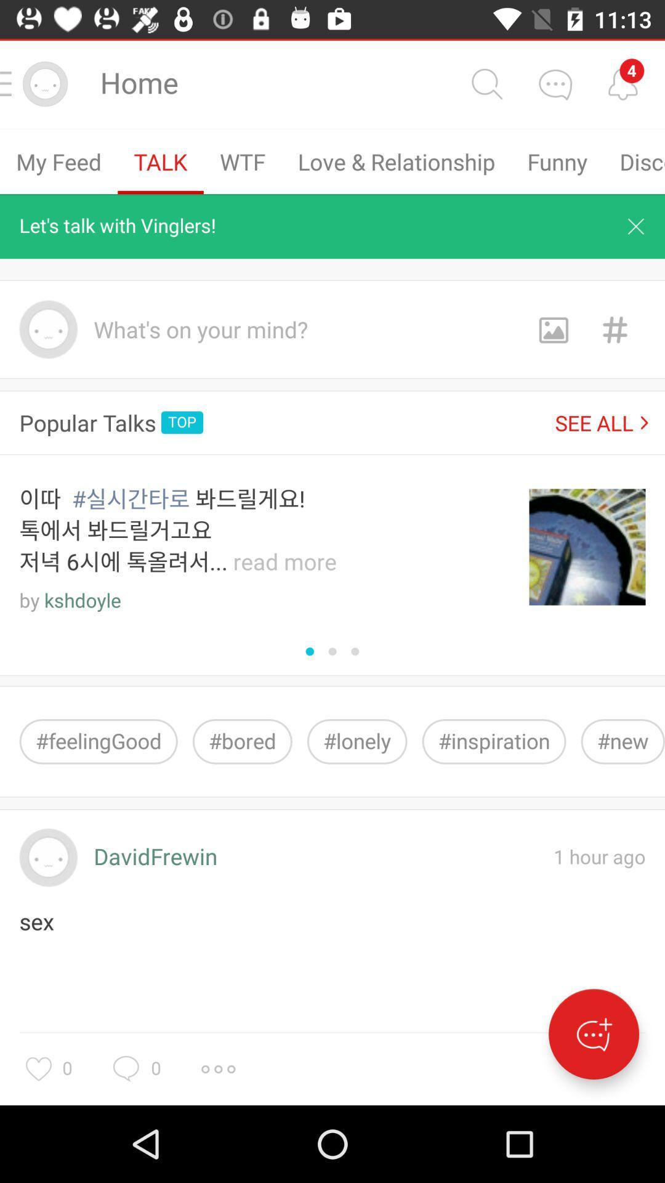  I want to click on the icon to the right of what s on icon, so click(552, 329).